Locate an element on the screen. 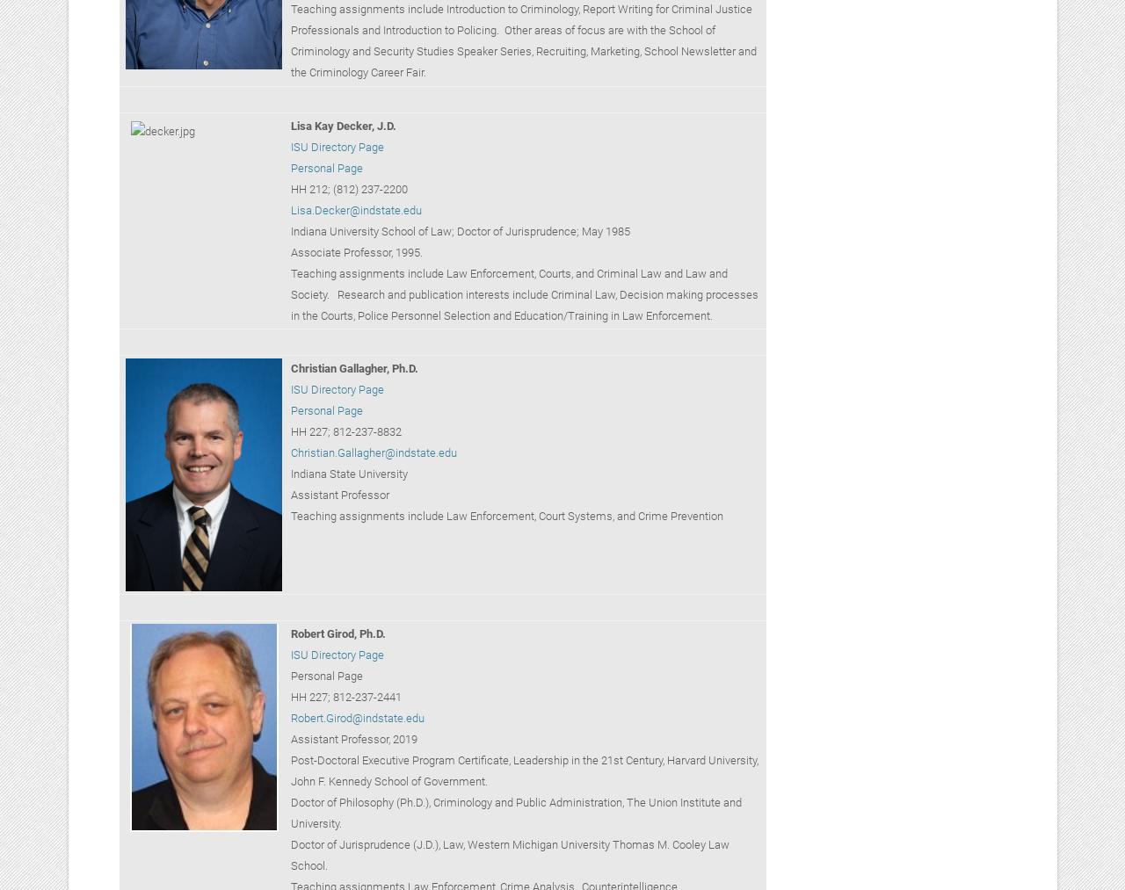 This screenshot has height=890, width=1125. 'Doctor of Philosophy (Ph.D.), Criminology and Public Administration, The Union Institute and University.' is located at coordinates (514, 812).